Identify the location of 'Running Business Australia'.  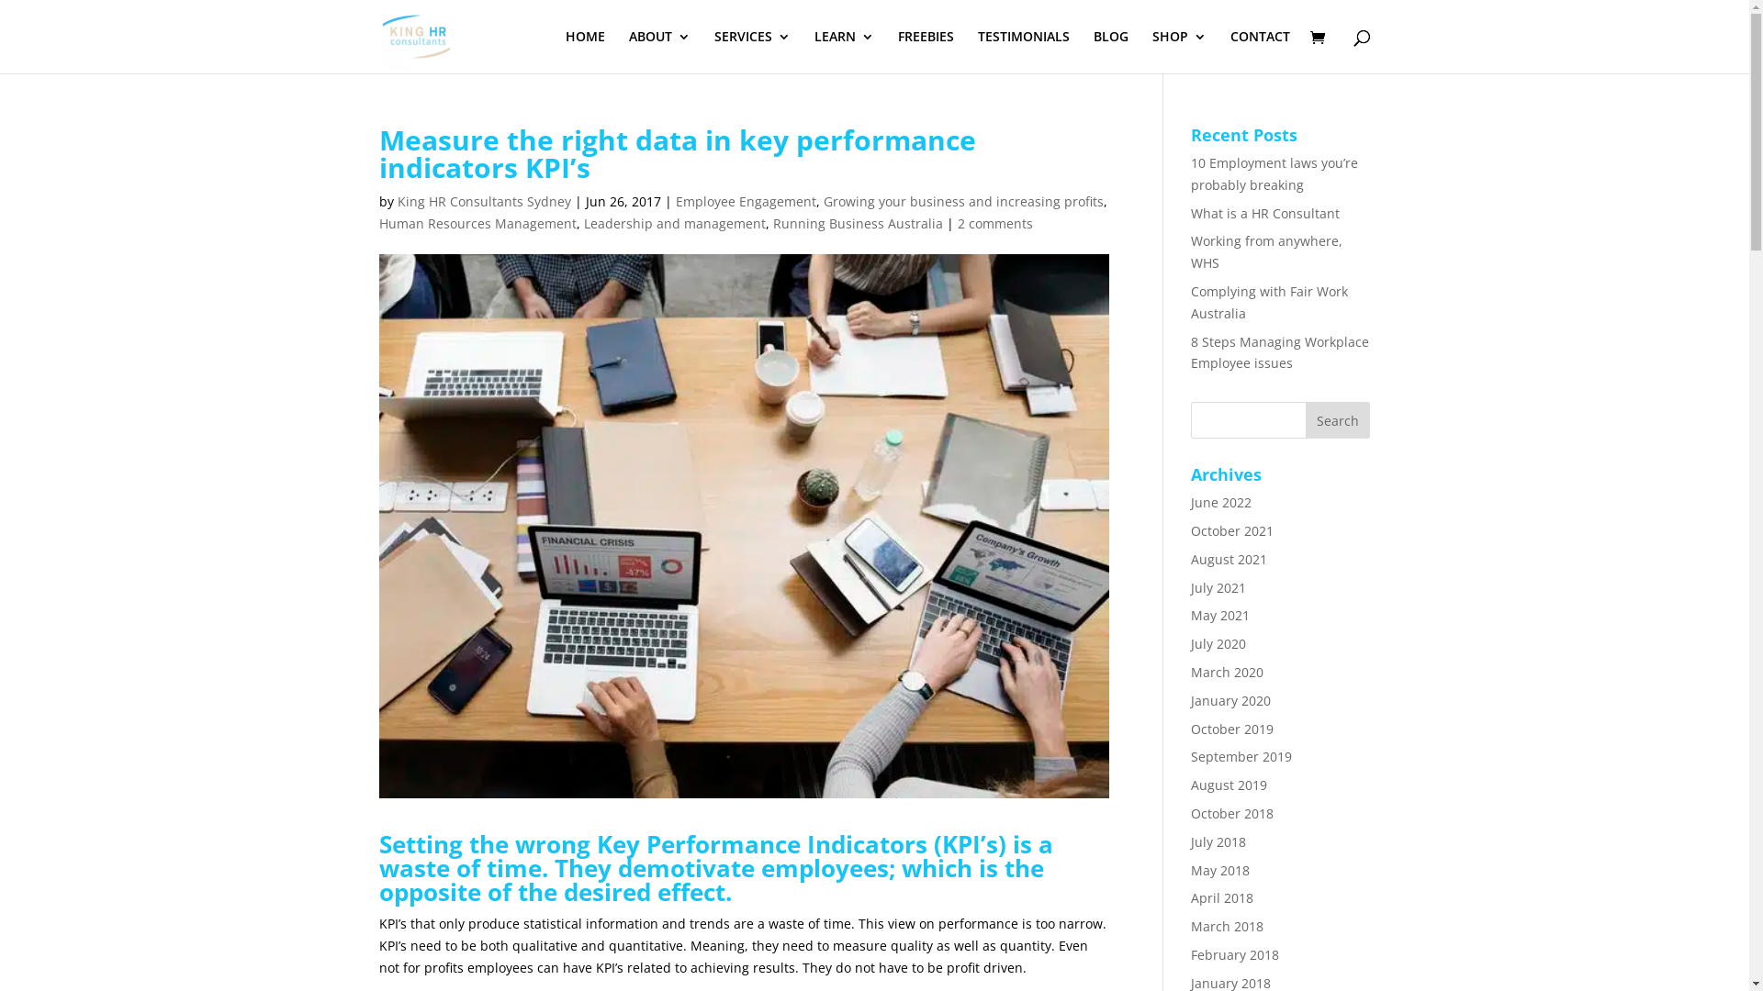
(857, 222).